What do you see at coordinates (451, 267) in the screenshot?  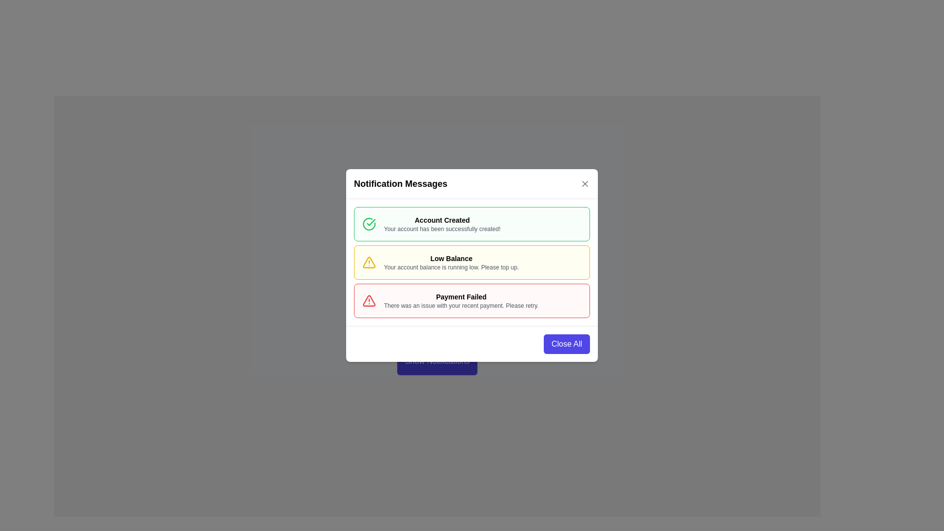 I see `message displayed in the text element that informs the user about their low account balance, located below the 'Low Balance' title in the yellow-highlighted notification card` at bounding box center [451, 267].